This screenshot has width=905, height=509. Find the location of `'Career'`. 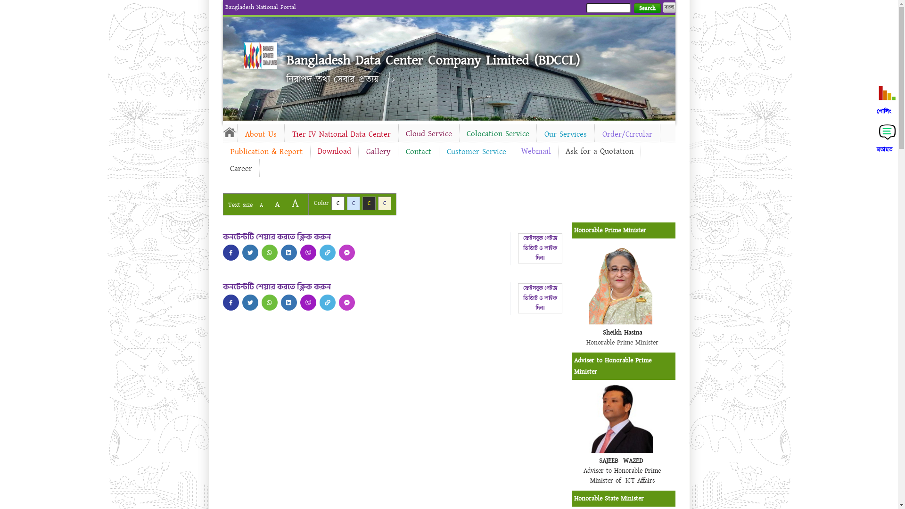

'Career' is located at coordinates (240, 168).